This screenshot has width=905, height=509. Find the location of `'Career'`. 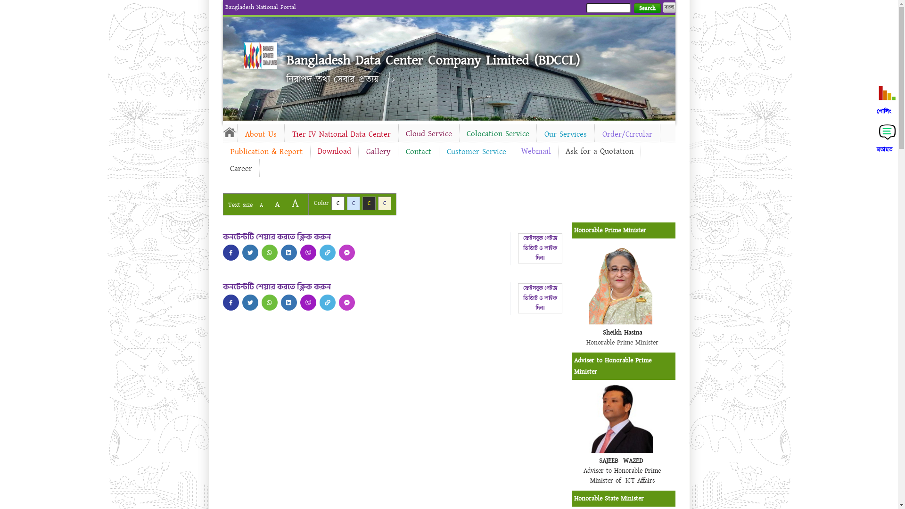

'Career' is located at coordinates (240, 168).